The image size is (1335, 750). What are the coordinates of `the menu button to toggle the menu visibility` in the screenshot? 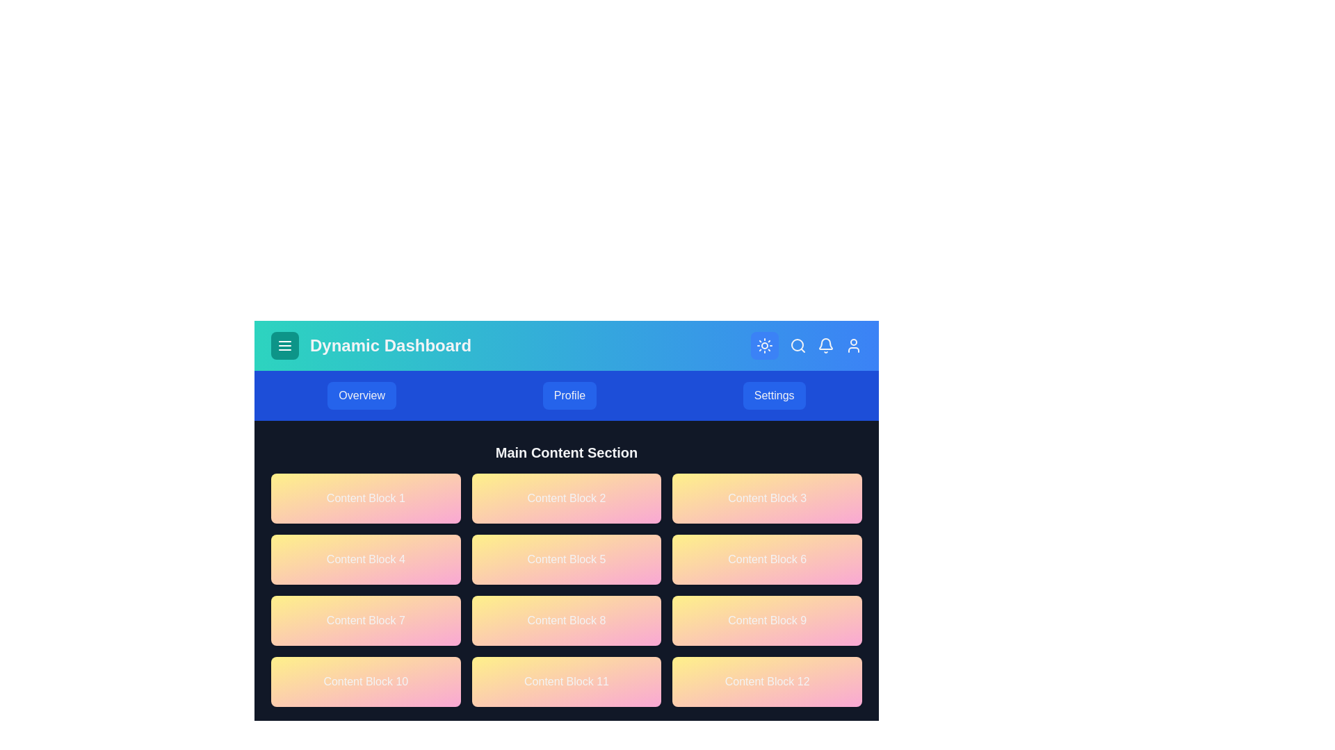 It's located at (284, 344).